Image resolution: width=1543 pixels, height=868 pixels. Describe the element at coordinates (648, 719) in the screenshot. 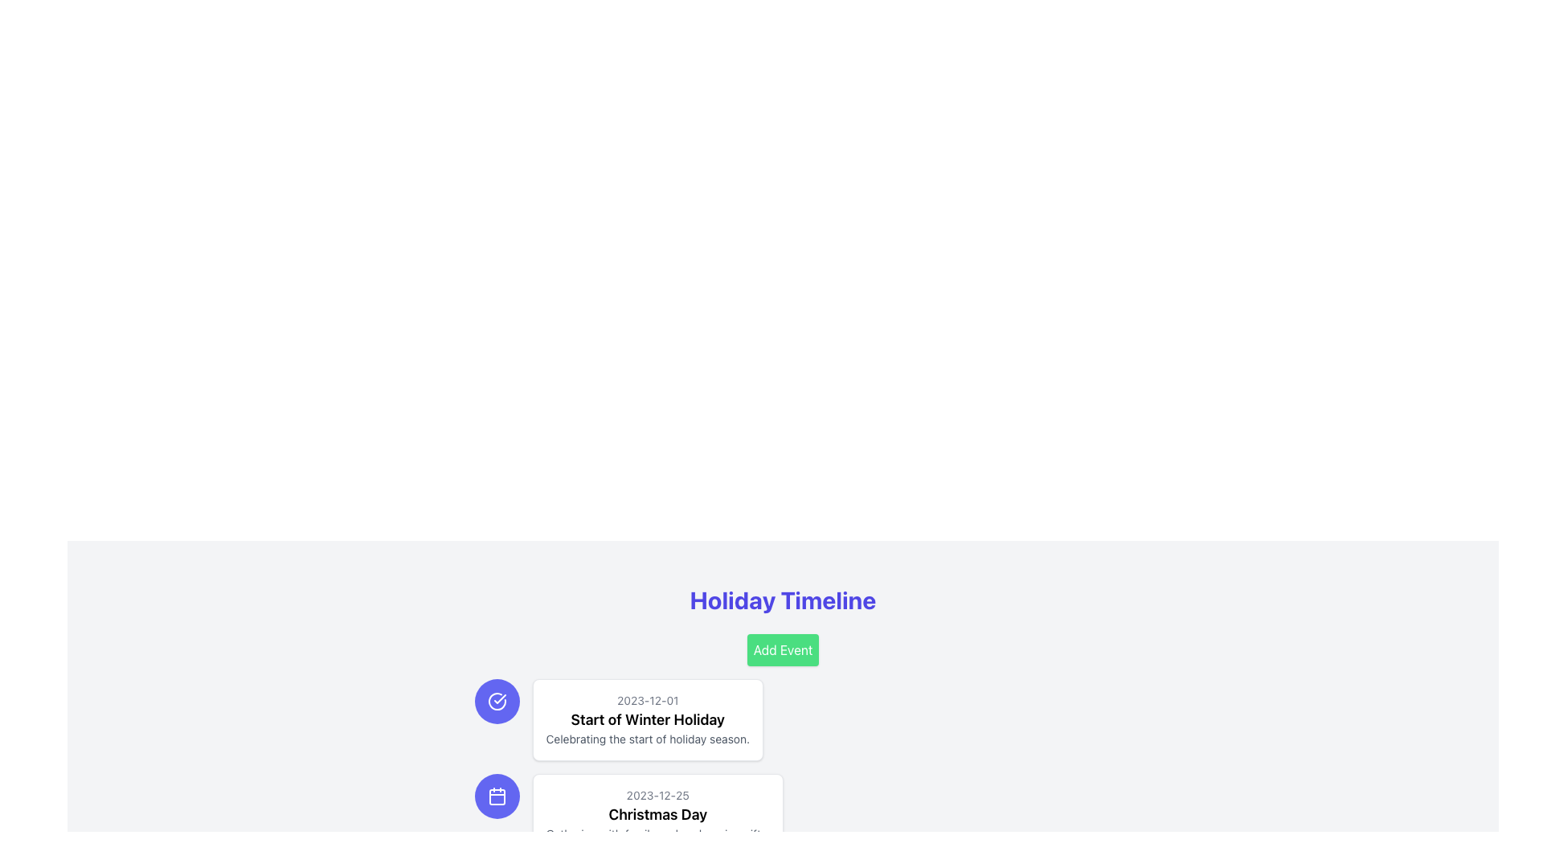

I see `the static text element that serves as a title for the winter holiday event, located beneath the date '2023-12-01' and above the description text 'Celebrating the start of holiday season.'` at that location.